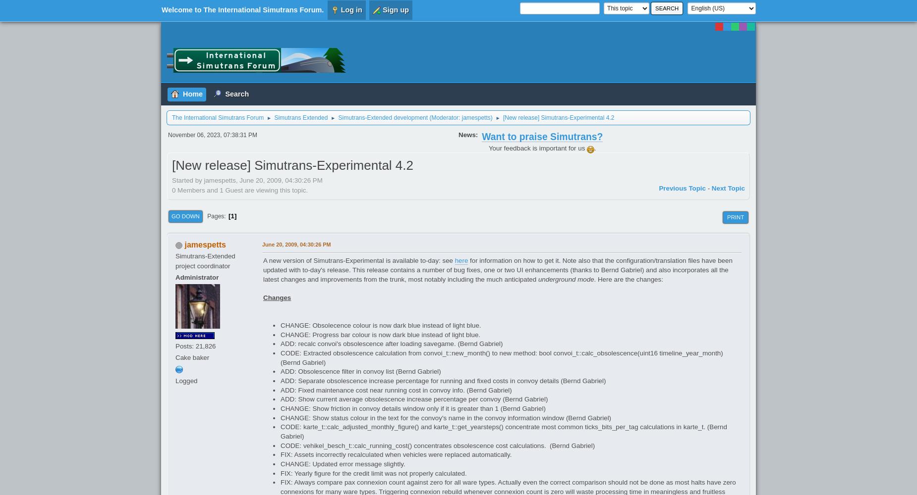  I want to click on 'CODE: karte_t::calc_adjusted_monthly_figure() and karte_t::get_yearsteps() concentrate most common ticks_bits_per_tag calculations in karte_t. (Bernd Gabriel)', so click(503, 431).